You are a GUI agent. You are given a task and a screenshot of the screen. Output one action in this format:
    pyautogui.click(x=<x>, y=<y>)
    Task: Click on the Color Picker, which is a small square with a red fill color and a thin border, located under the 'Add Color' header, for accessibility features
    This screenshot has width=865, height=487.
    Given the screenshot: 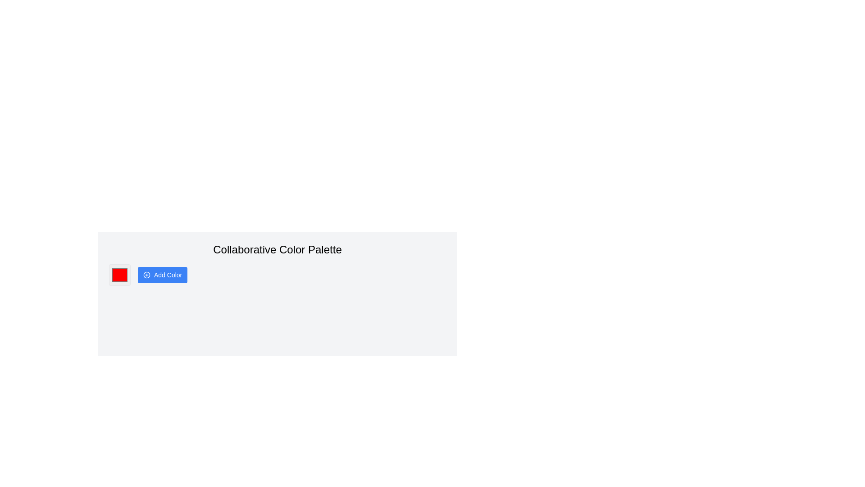 What is the action you would take?
    pyautogui.click(x=119, y=274)
    